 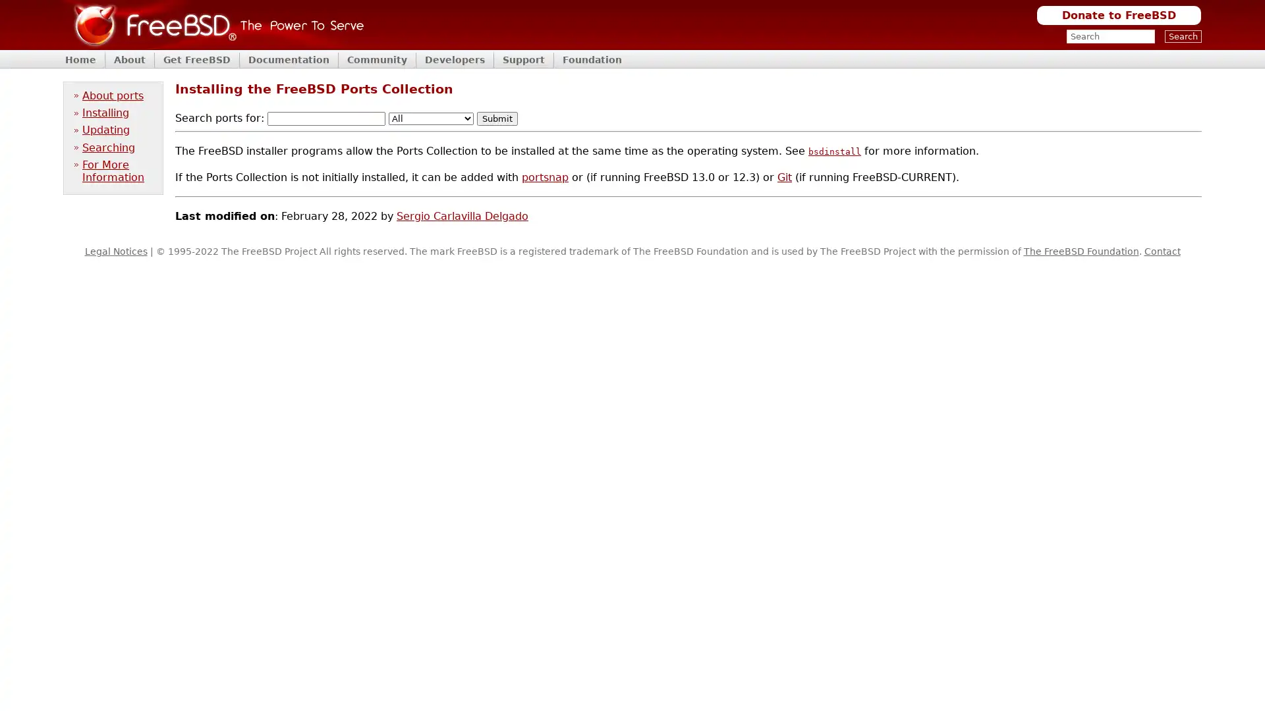 I want to click on Submit, so click(x=496, y=118).